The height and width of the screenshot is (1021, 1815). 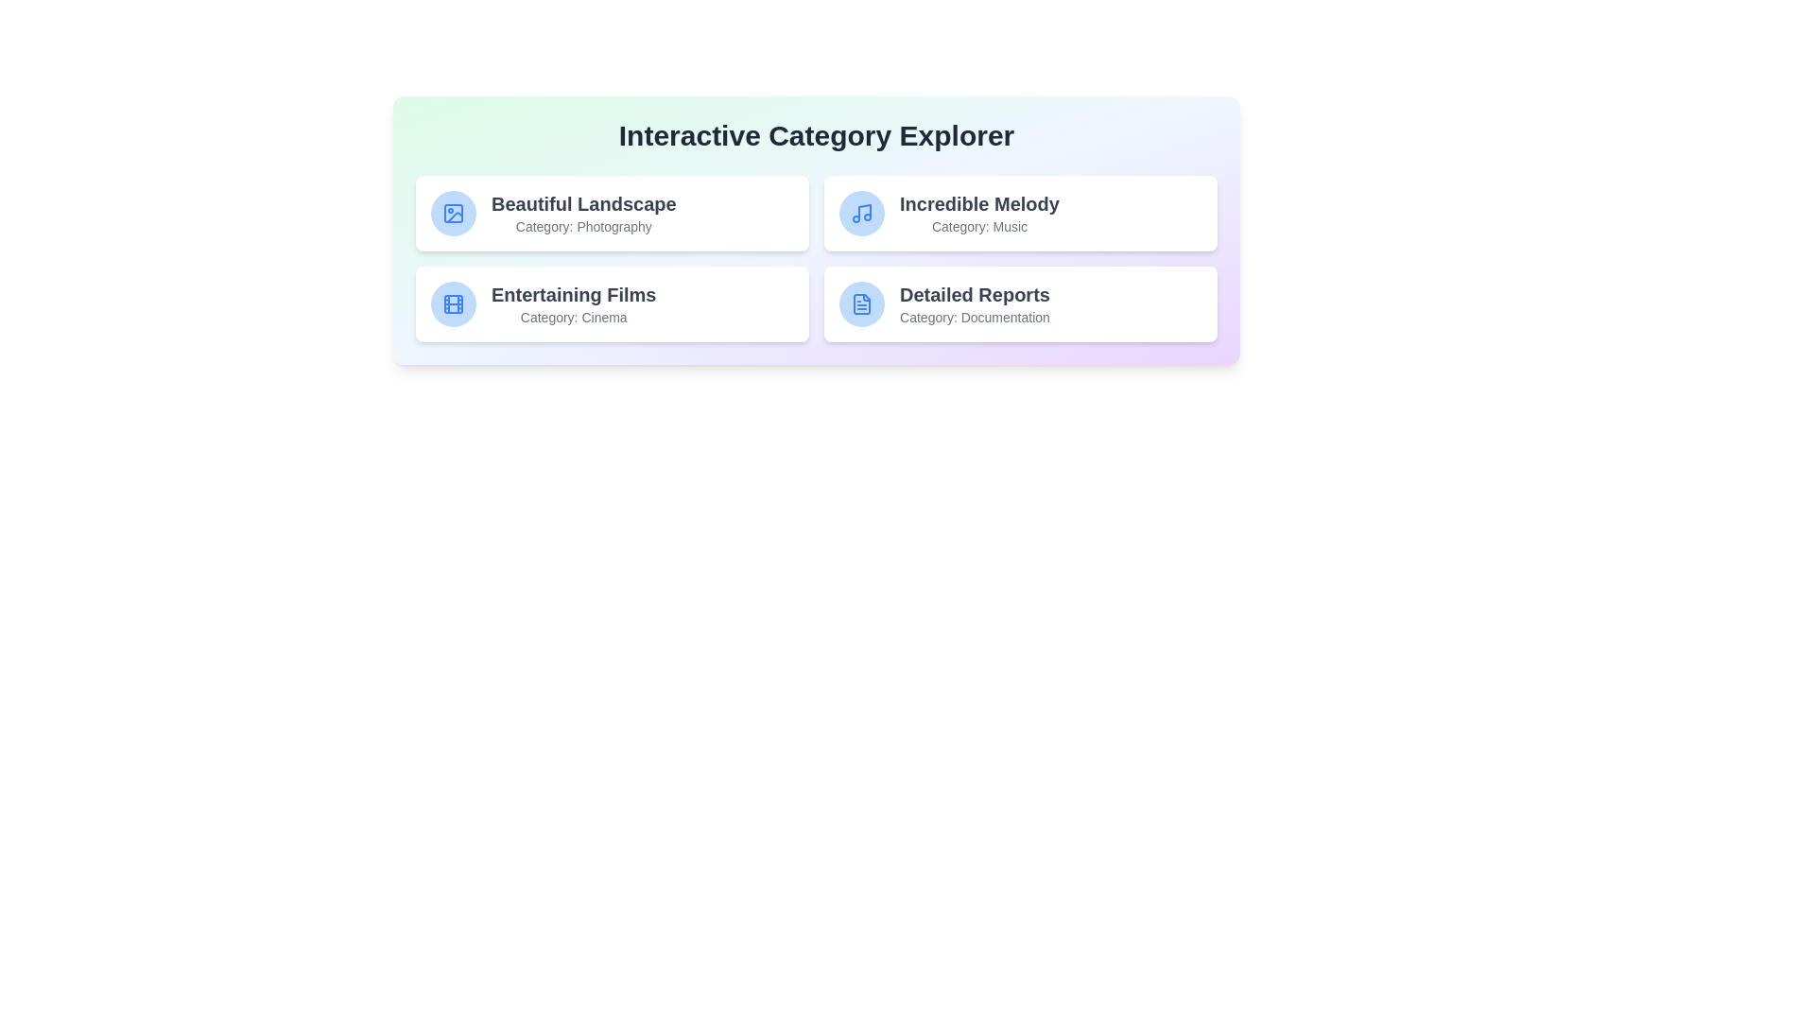 What do you see at coordinates (1020, 213) in the screenshot?
I see `the card representing the category Incredible Melody` at bounding box center [1020, 213].